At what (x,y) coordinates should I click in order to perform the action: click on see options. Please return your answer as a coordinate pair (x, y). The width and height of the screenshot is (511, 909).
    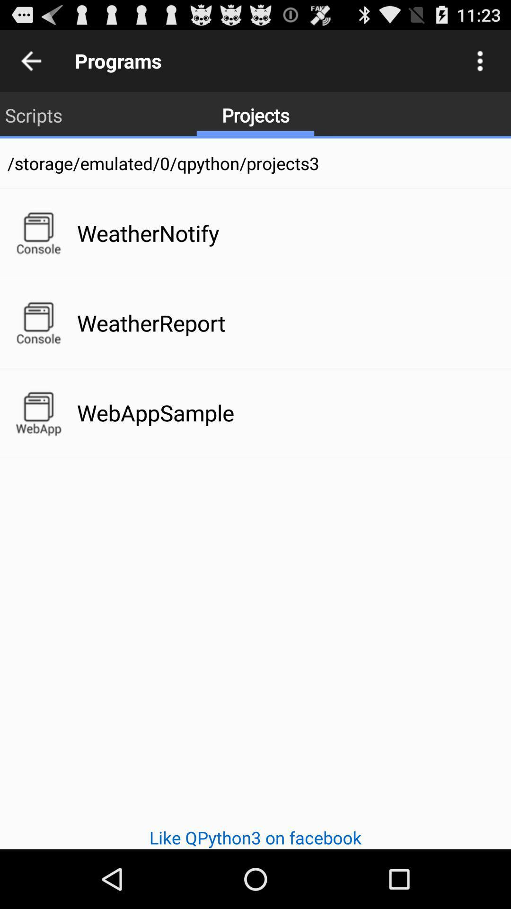
    Looking at the image, I should click on (480, 60).